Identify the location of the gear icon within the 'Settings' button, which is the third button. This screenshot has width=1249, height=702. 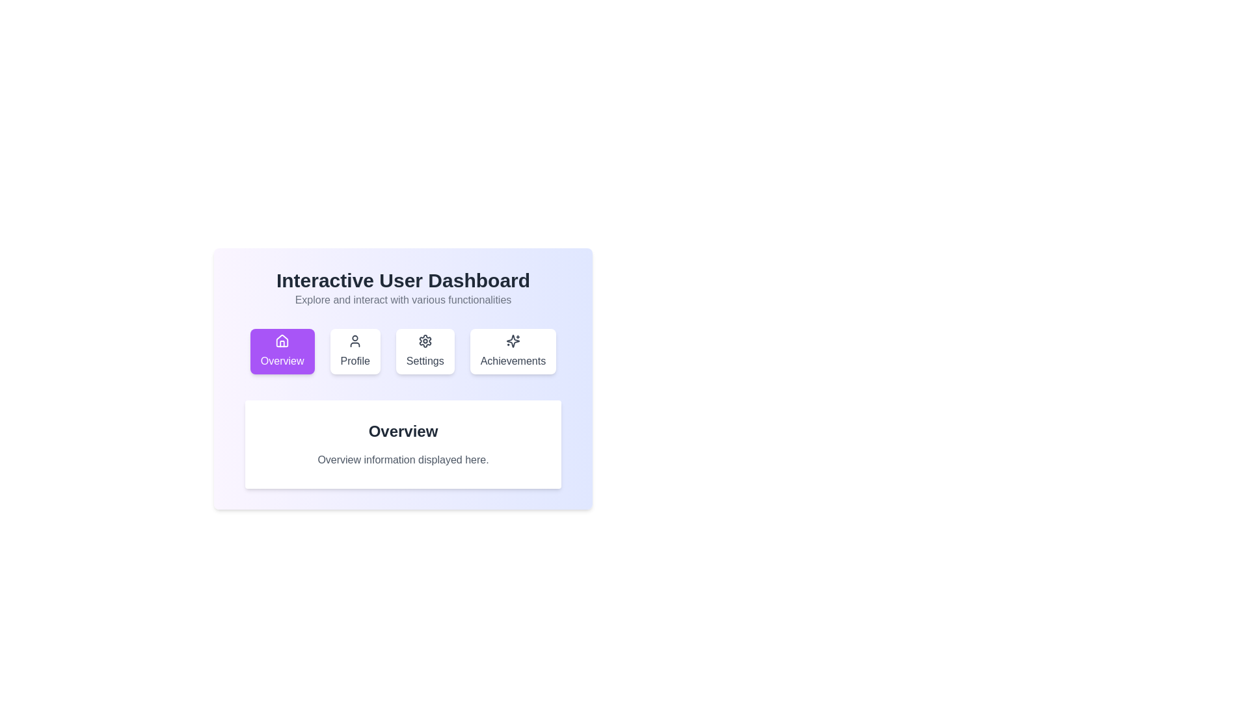
(425, 340).